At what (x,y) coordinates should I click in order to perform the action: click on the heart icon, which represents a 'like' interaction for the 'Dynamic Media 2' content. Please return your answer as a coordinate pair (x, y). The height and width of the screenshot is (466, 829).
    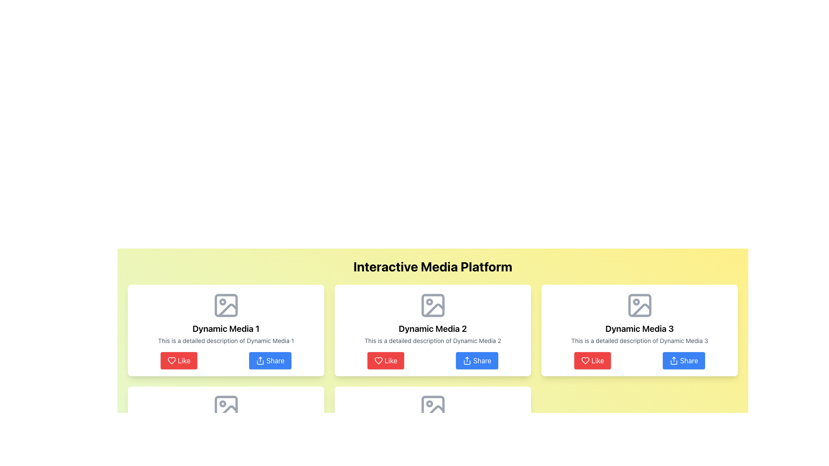
    Looking at the image, I should click on (379, 361).